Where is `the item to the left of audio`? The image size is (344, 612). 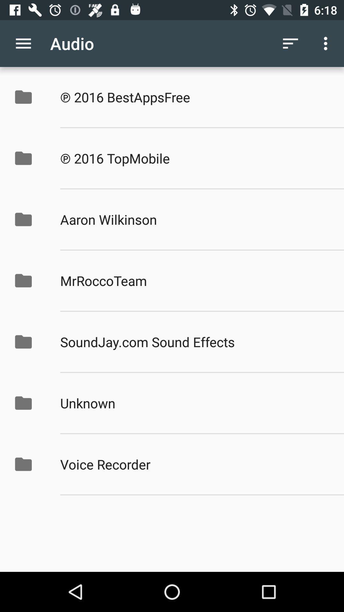 the item to the left of audio is located at coordinates (23, 43).